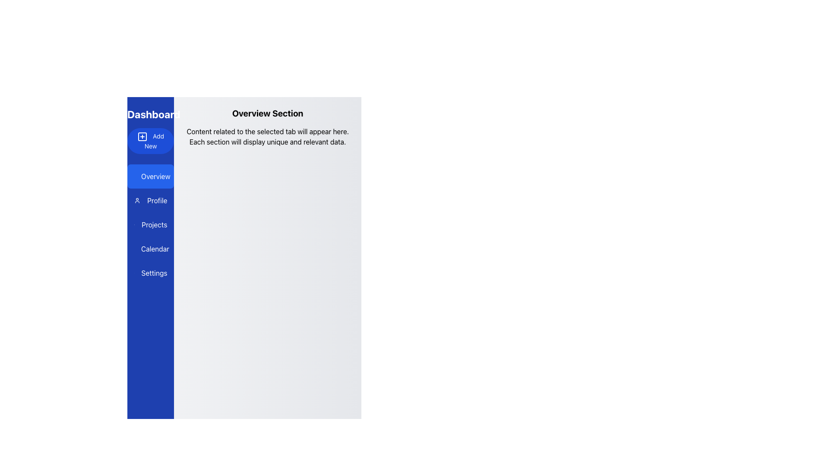  I want to click on the fifth text label in the vertical navigation menu, so click(151, 273).